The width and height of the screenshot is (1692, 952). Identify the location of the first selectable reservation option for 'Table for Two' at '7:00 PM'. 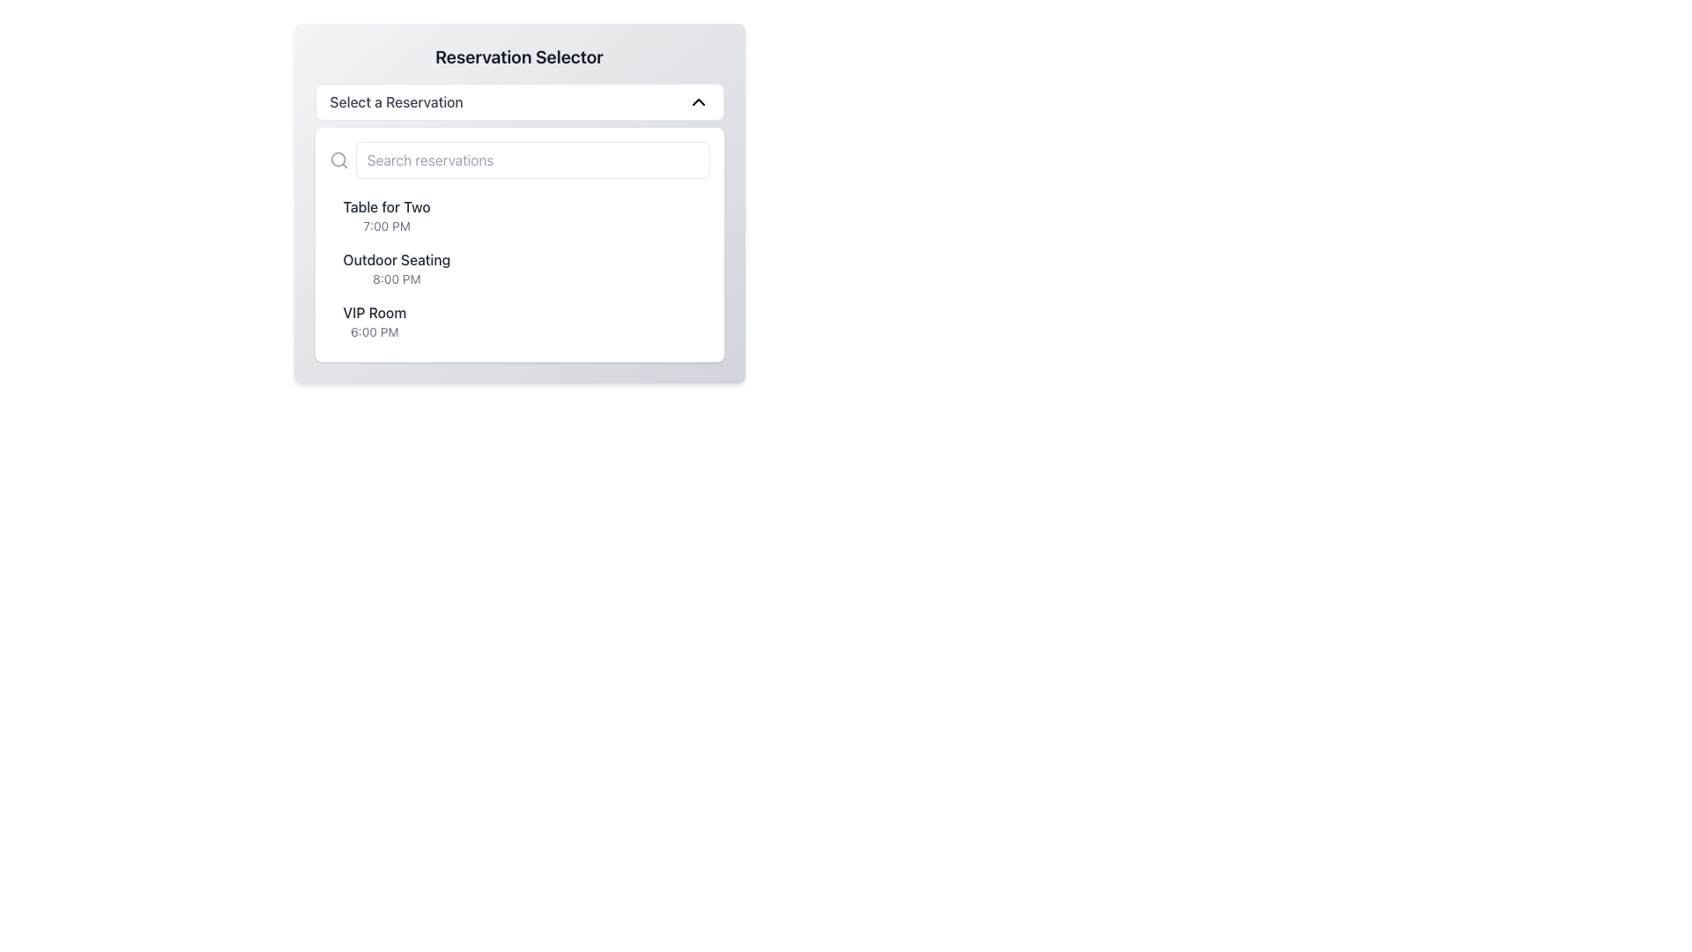
(386, 215).